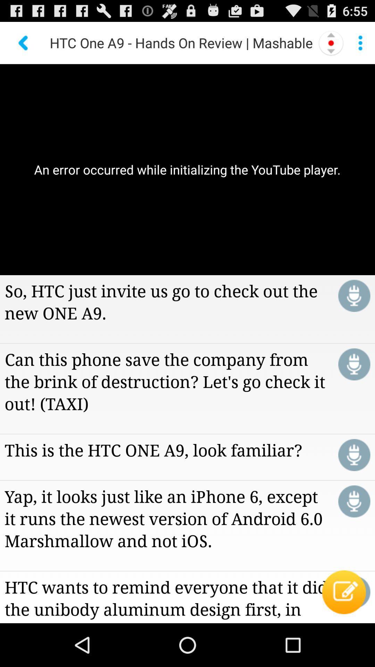 The image size is (375, 667). Describe the element at coordinates (24, 42) in the screenshot. I see `the app next to the htc one a9 icon` at that location.